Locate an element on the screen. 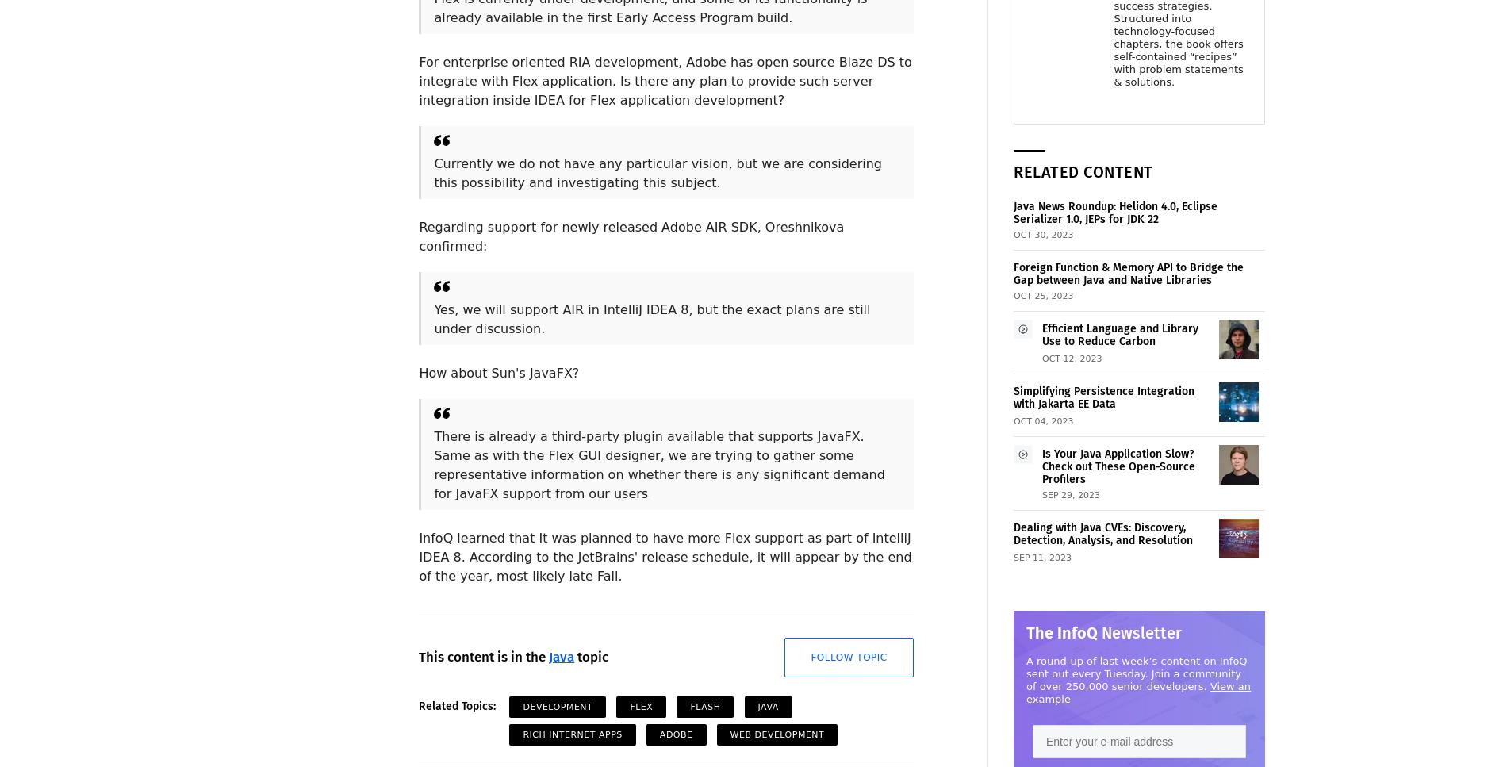 This screenshot has width=1507, height=767. 'Dealing with Java CVEs: Discovery, Detection, Analysis, and Resolution' is located at coordinates (1102, 534).